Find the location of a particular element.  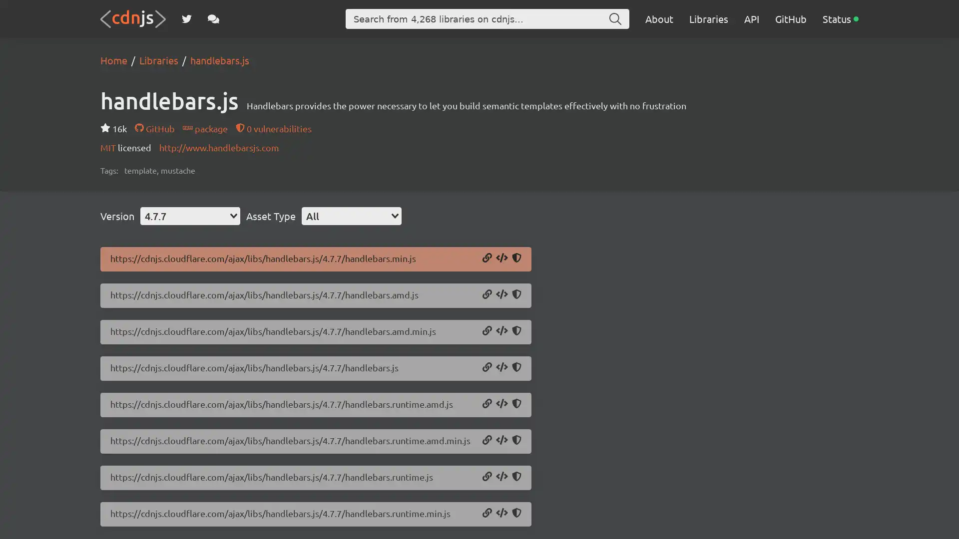

Copy Script Tag is located at coordinates (501, 404).